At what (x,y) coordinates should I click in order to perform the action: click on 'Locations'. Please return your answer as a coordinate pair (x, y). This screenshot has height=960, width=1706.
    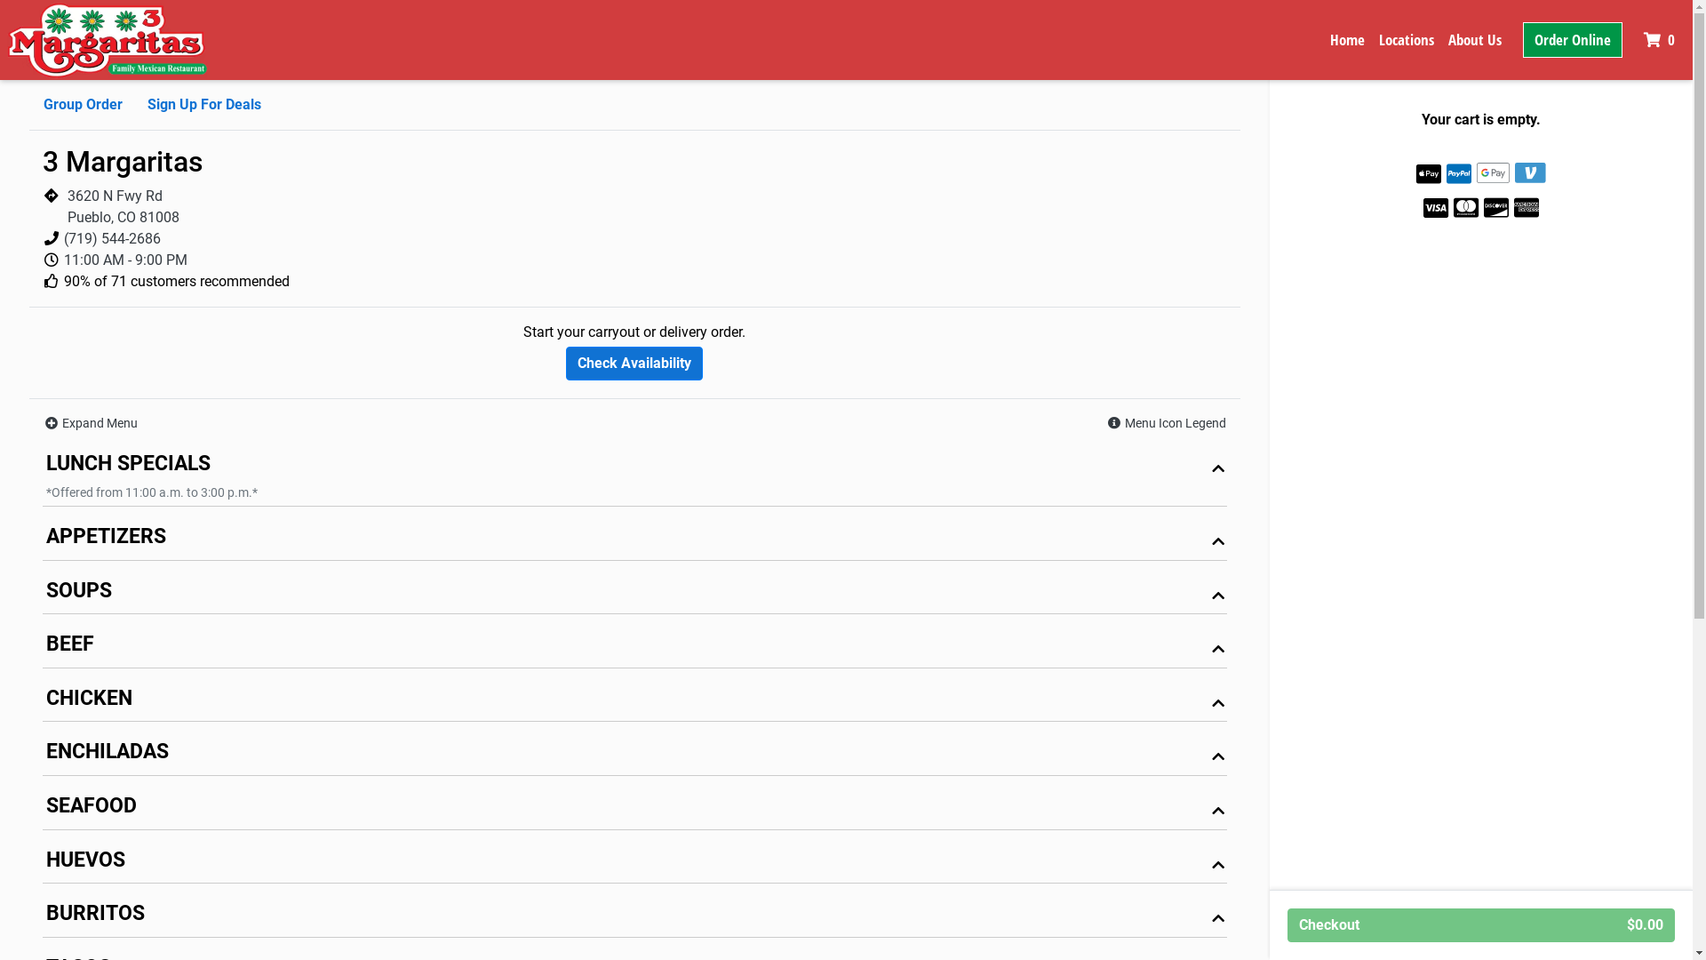
    Looking at the image, I should click on (1406, 40).